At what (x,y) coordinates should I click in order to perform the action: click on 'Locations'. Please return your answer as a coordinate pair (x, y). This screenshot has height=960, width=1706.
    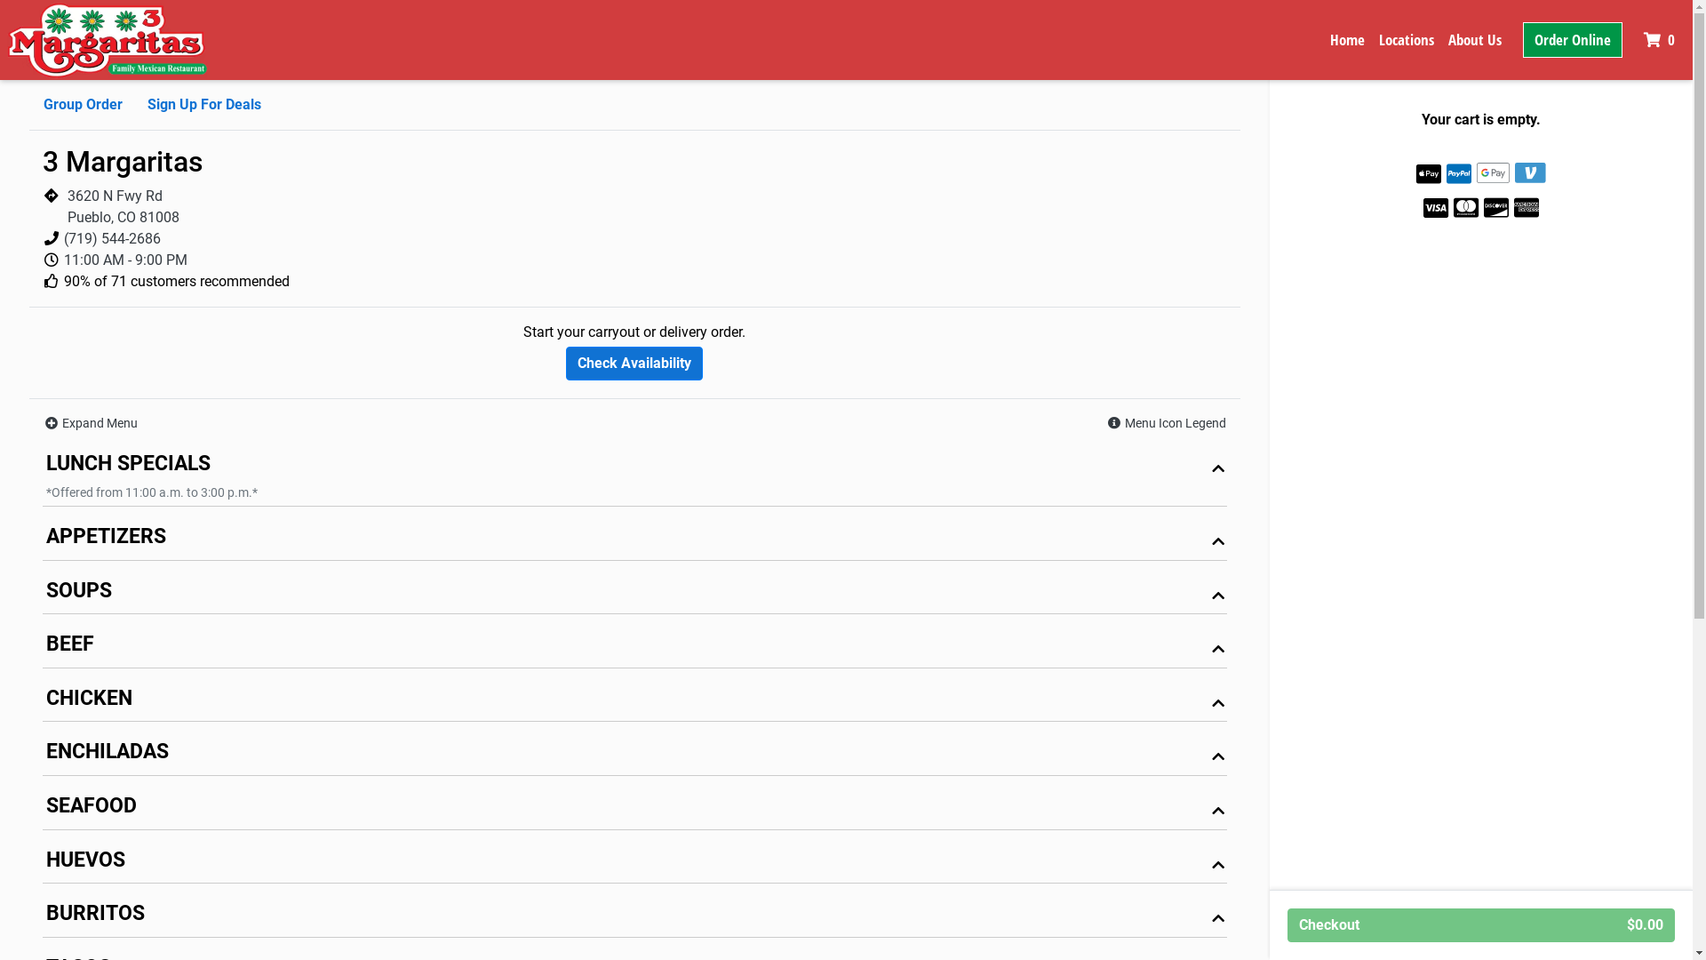
    Looking at the image, I should click on (1406, 40).